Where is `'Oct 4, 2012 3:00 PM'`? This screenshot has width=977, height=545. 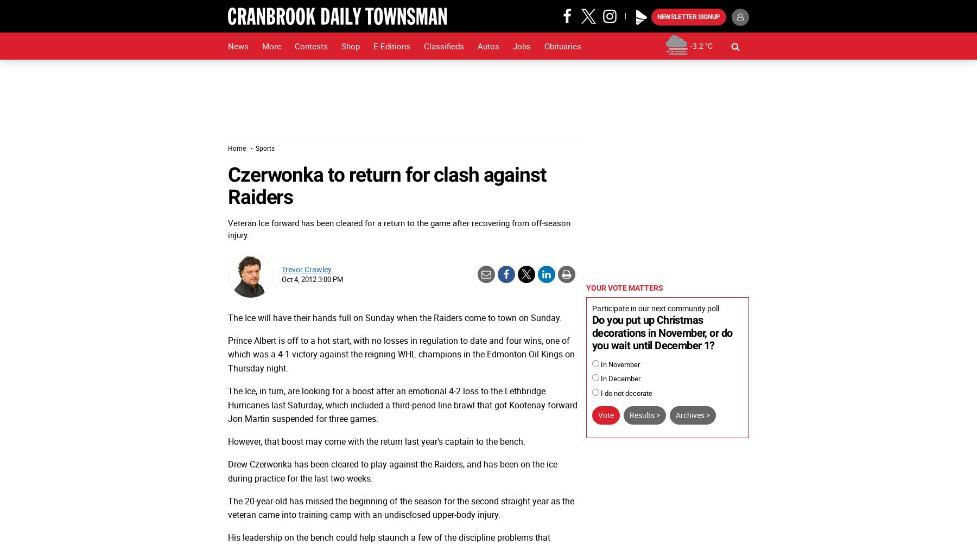 'Oct 4, 2012 3:00 PM' is located at coordinates (312, 278).